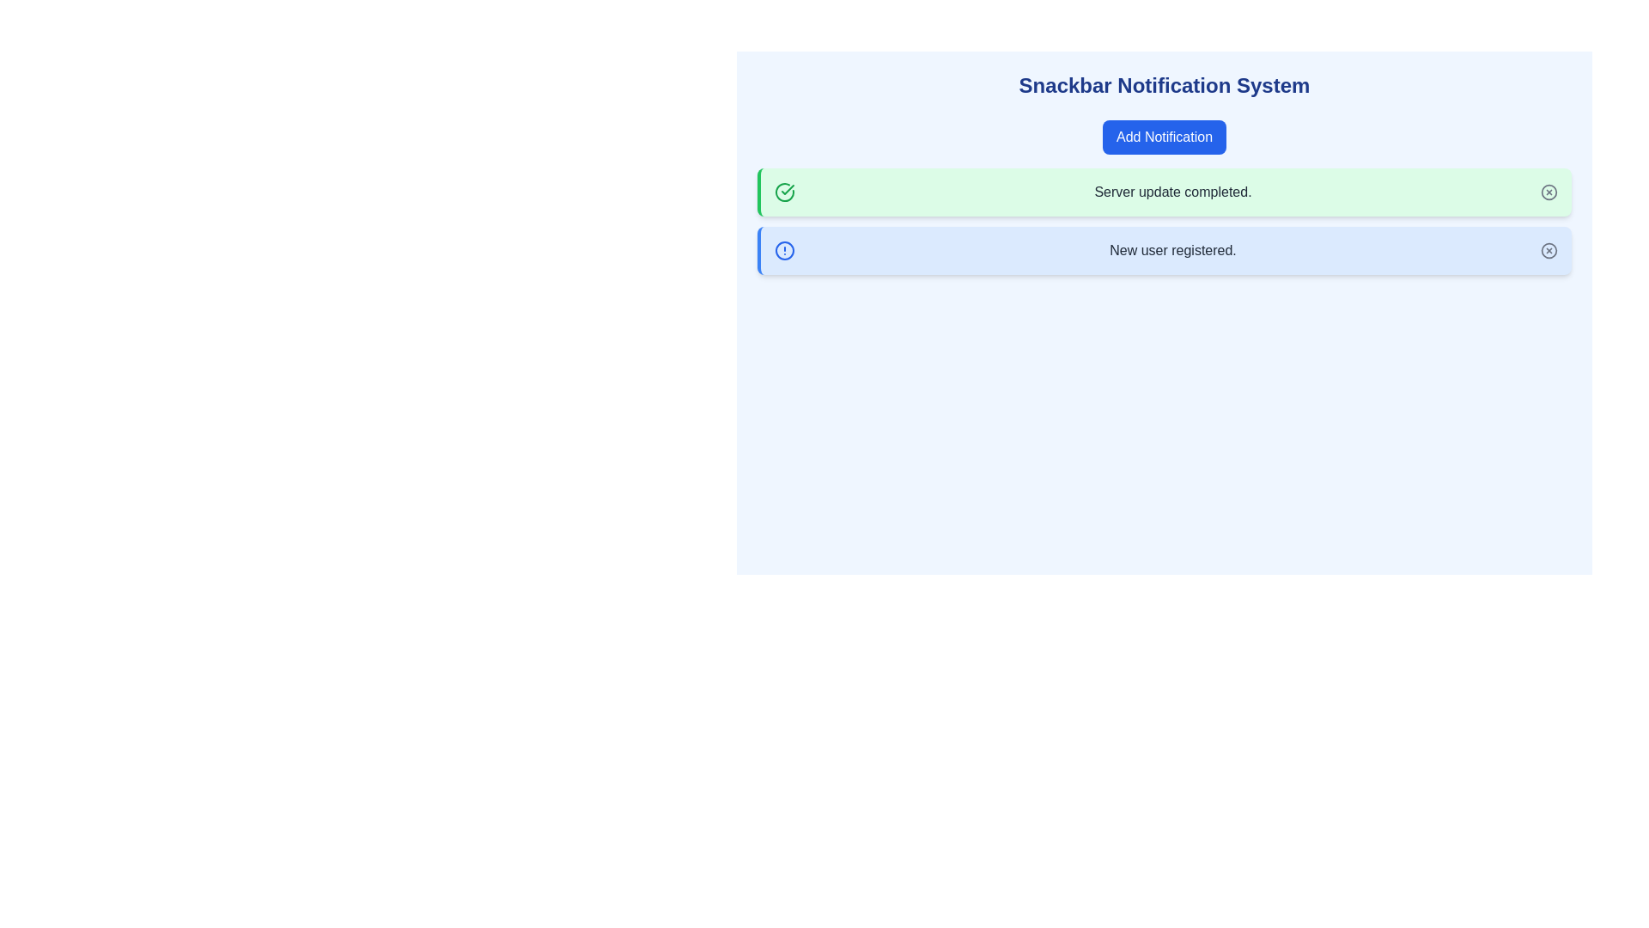 The image size is (1649, 928). I want to click on the 'Add Notification' button to add a new notification, so click(1165, 136).